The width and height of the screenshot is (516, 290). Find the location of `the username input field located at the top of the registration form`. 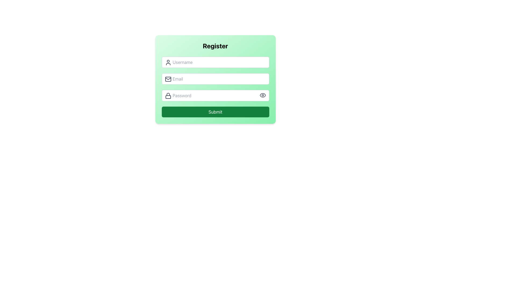

the username input field located at the top of the registration form is located at coordinates (215, 62).